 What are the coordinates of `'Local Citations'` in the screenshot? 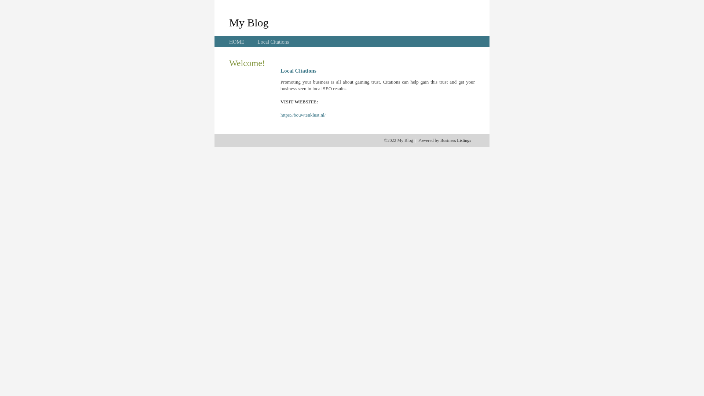 It's located at (272, 42).